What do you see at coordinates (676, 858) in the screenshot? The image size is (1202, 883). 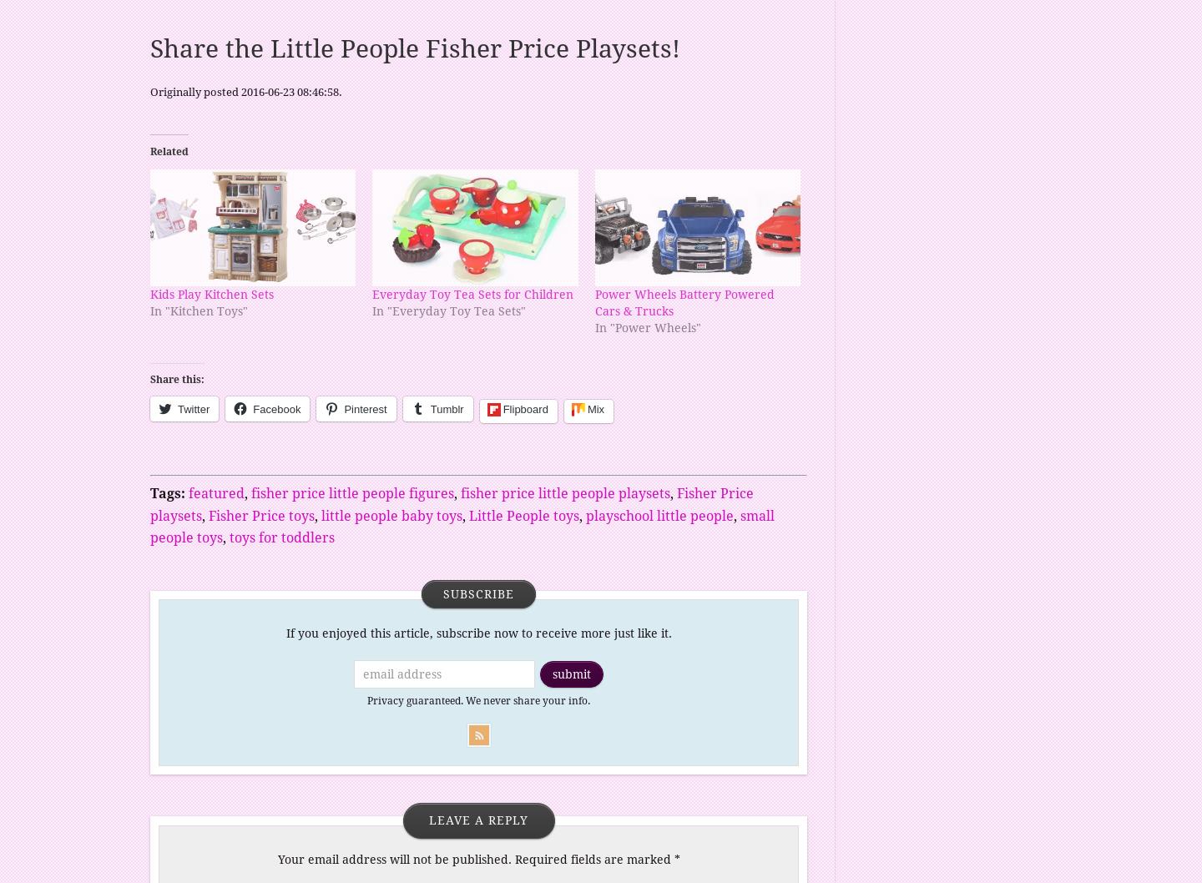 I see `'*'` at bounding box center [676, 858].